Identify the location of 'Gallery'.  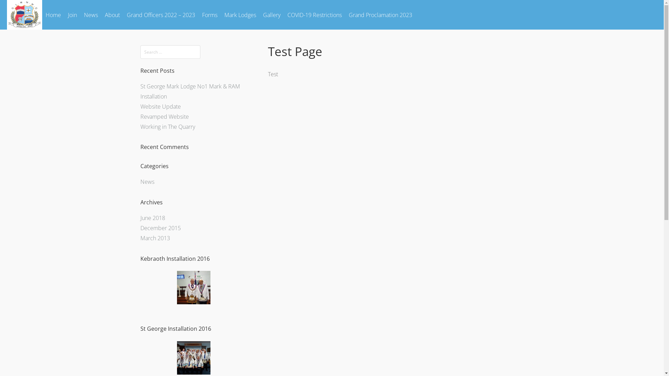
(271, 15).